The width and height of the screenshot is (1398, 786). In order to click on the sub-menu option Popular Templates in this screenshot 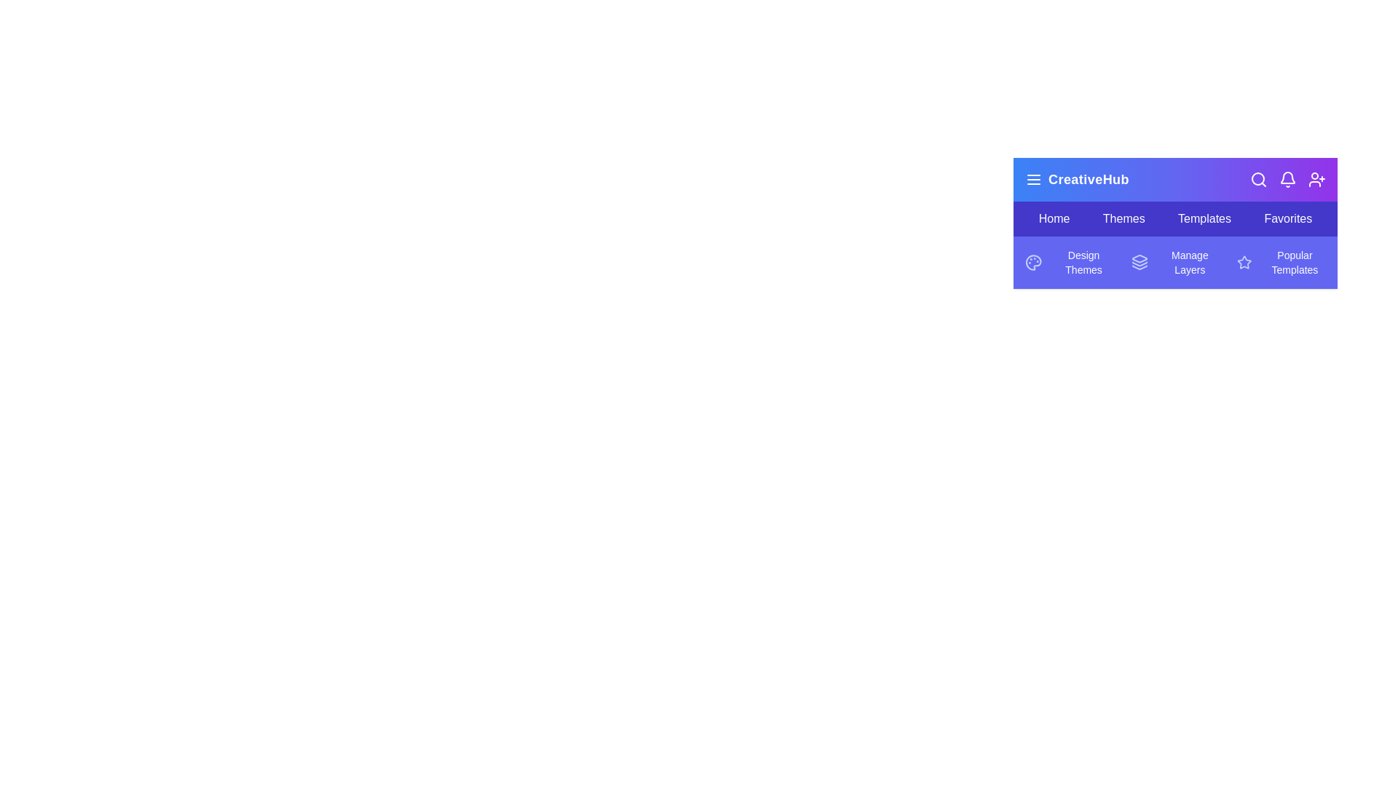, I will do `click(1281, 263)`.